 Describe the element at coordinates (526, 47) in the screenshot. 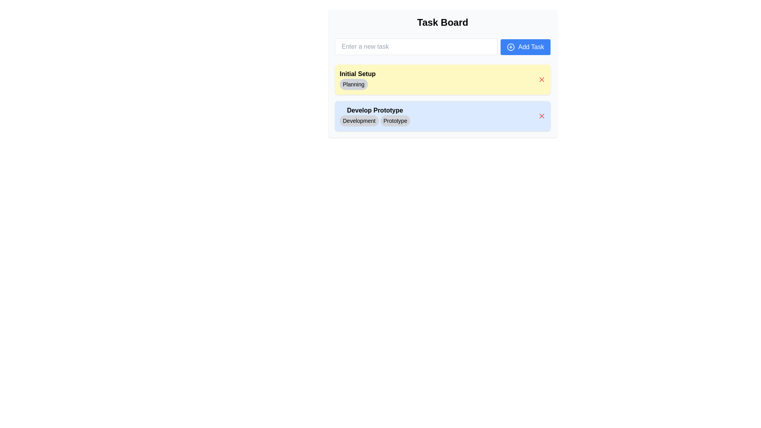

I see `the blue 'Add Task' button with rounded corners, which has a plus icon on the left, to initiate task addition` at that location.